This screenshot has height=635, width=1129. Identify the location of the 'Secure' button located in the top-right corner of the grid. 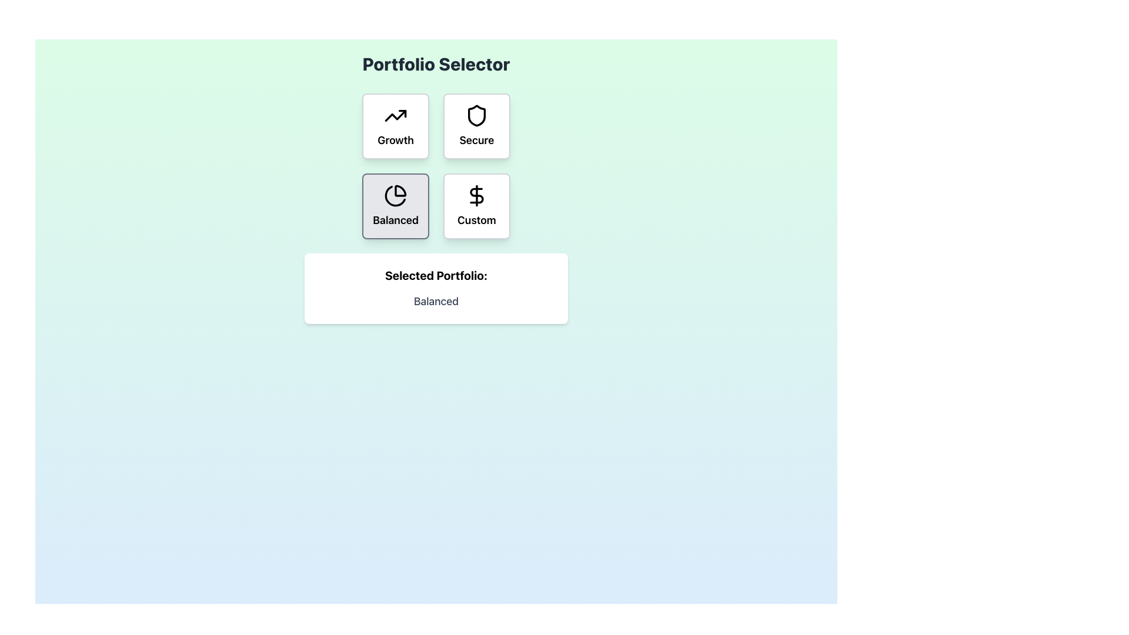
(476, 126).